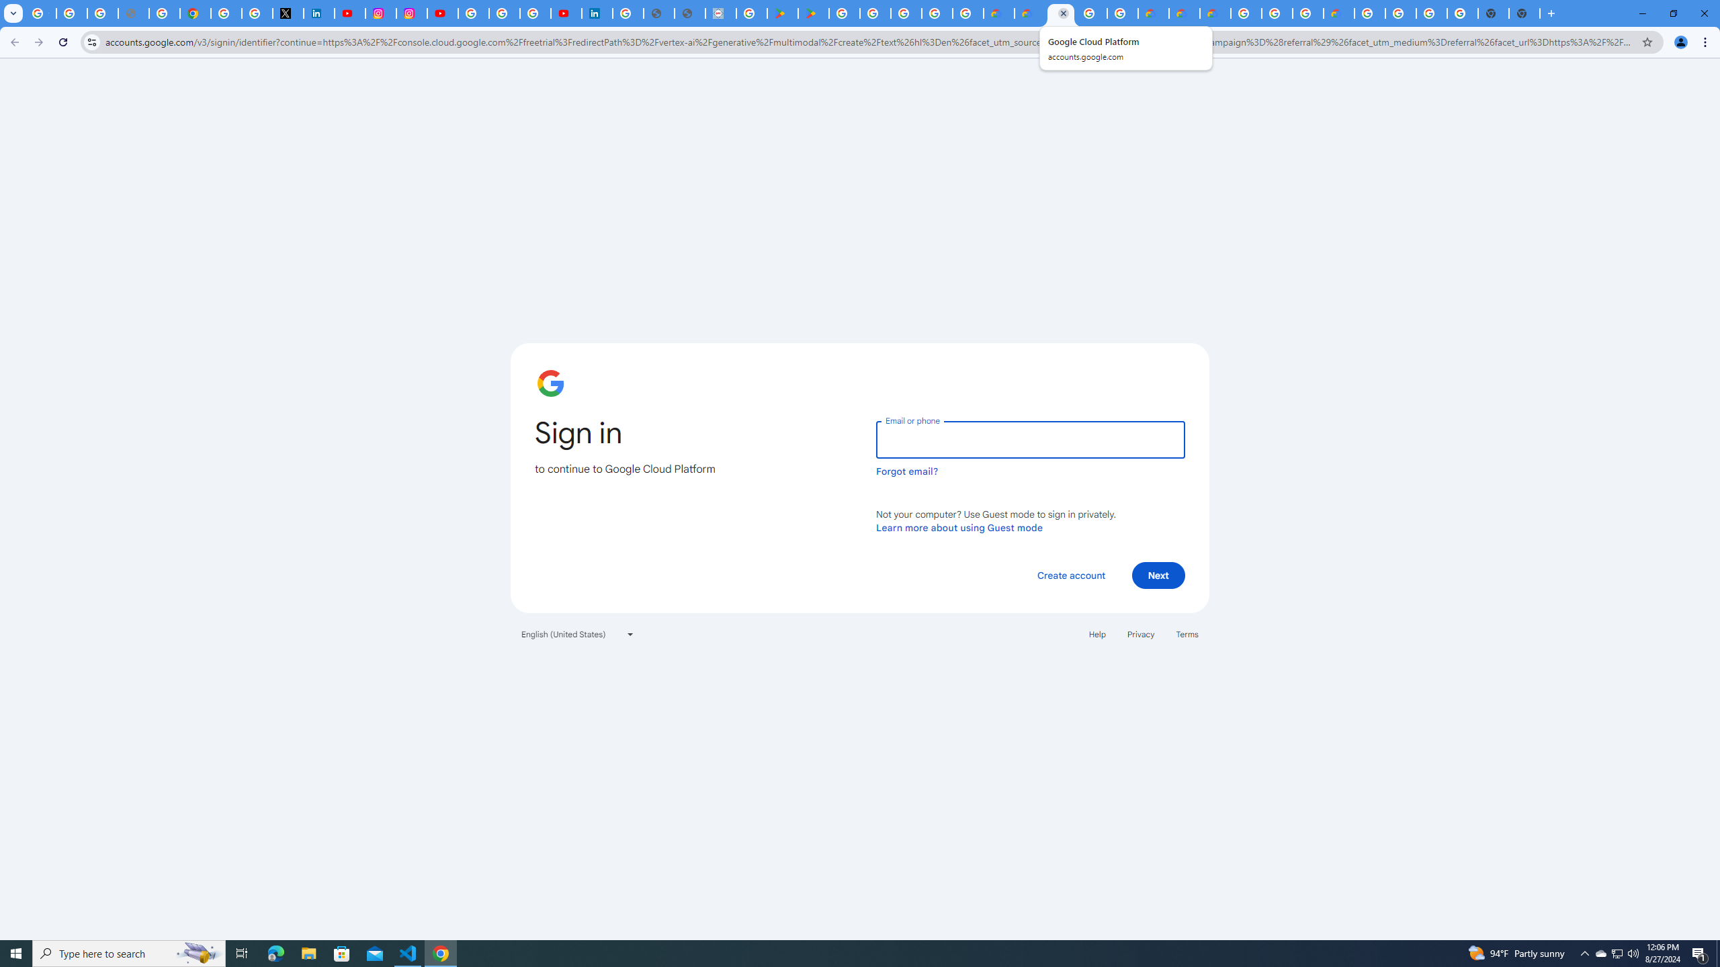 The width and height of the screenshot is (1720, 967). I want to click on 'Data Privacy Framework', so click(720, 13).